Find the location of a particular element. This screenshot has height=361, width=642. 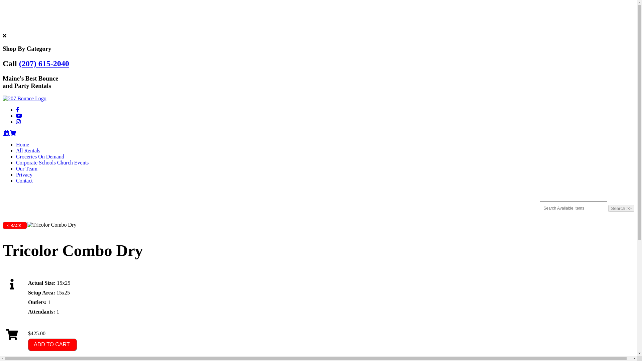

'Tricolor Combo Dry' is located at coordinates (27, 225).